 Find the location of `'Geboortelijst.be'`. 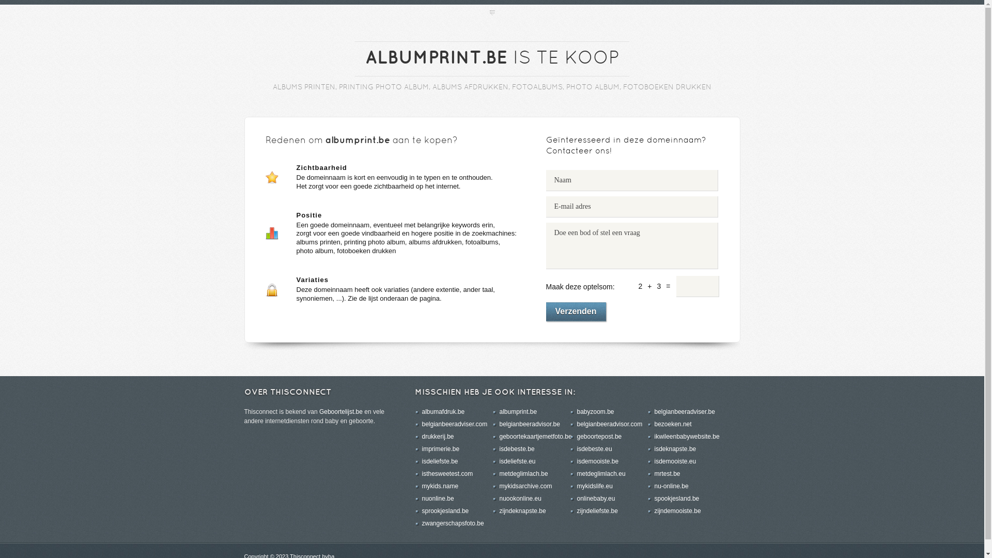

'Geboortelijst.be' is located at coordinates (341, 411).